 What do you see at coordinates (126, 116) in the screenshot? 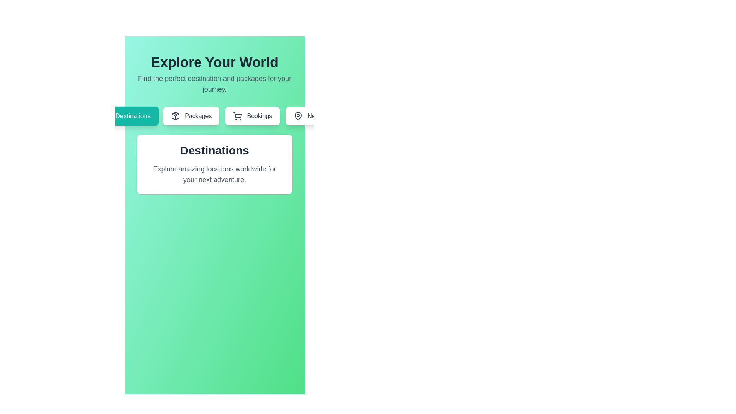
I see `the tab button labeled 'Destinations' to switch to its corresponding content` at bounding box center [126, 116].